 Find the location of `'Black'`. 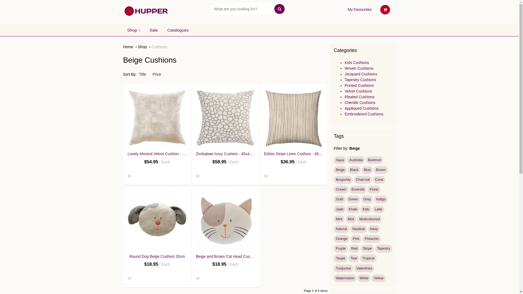

'Black' is located at coordinates (347, 170).